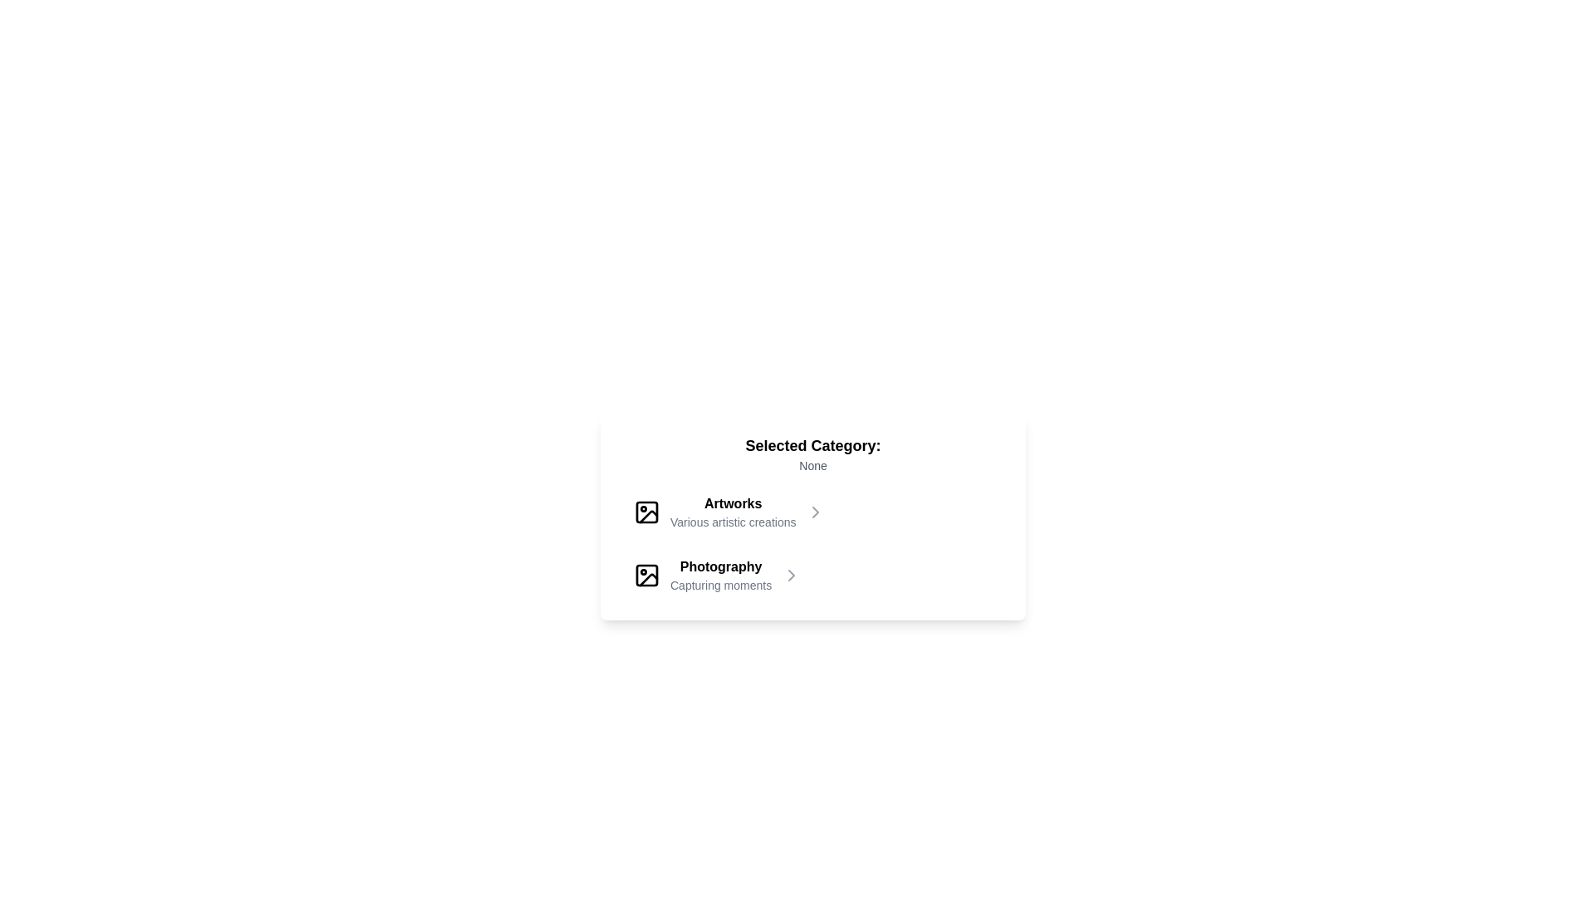  I want to click on the first list item labeled 'Artworks' which contains a bold title and an icon, so click(813, 512).